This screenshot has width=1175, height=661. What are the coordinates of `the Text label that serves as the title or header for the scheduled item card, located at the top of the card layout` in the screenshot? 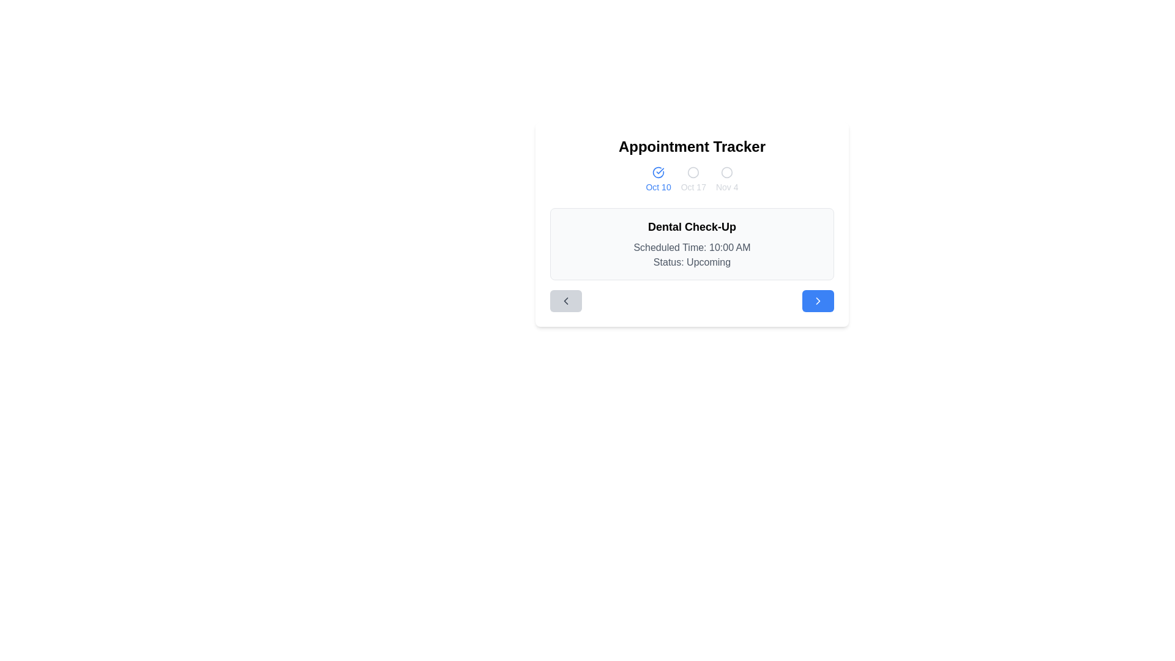 It's located at (692, 226).